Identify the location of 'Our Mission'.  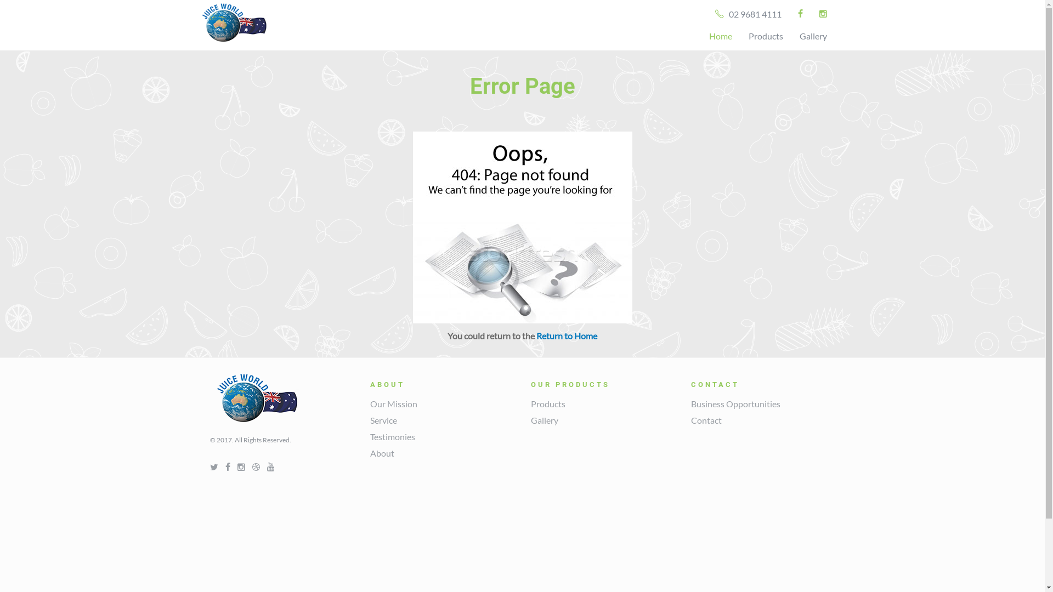
(394, 403).